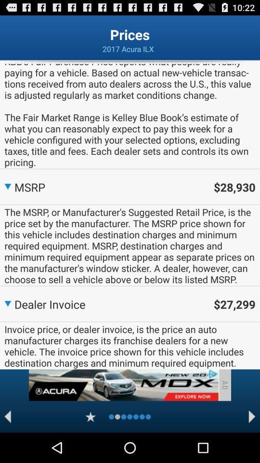  Describe the element at coordinates (123, 385) in the screenshot. I see `clickable advertisement` at that location.